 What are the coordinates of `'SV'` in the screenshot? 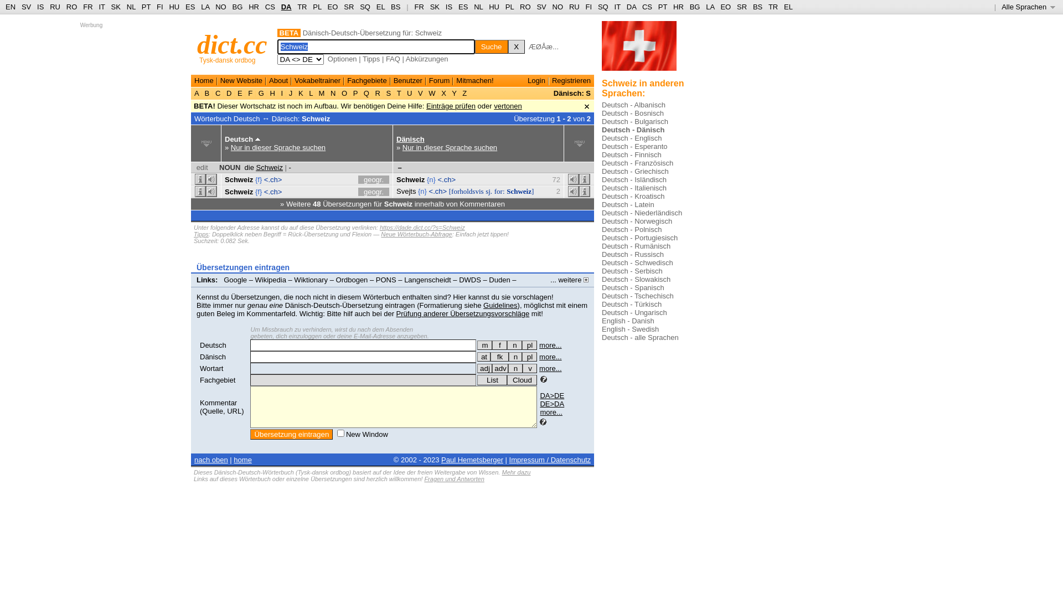 It's located at (21, 7).